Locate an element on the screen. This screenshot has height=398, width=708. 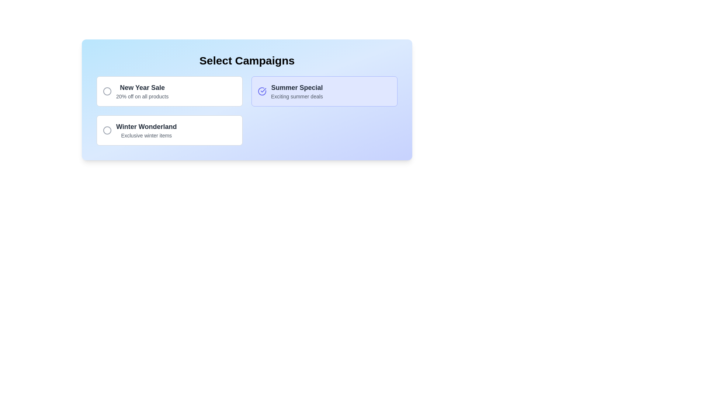
the title text for the 'Summer Special' campaign, which is located in the middle card of the 'Select Campaigns' selection group, above the descriptive text is located at coordinates (297, 87).